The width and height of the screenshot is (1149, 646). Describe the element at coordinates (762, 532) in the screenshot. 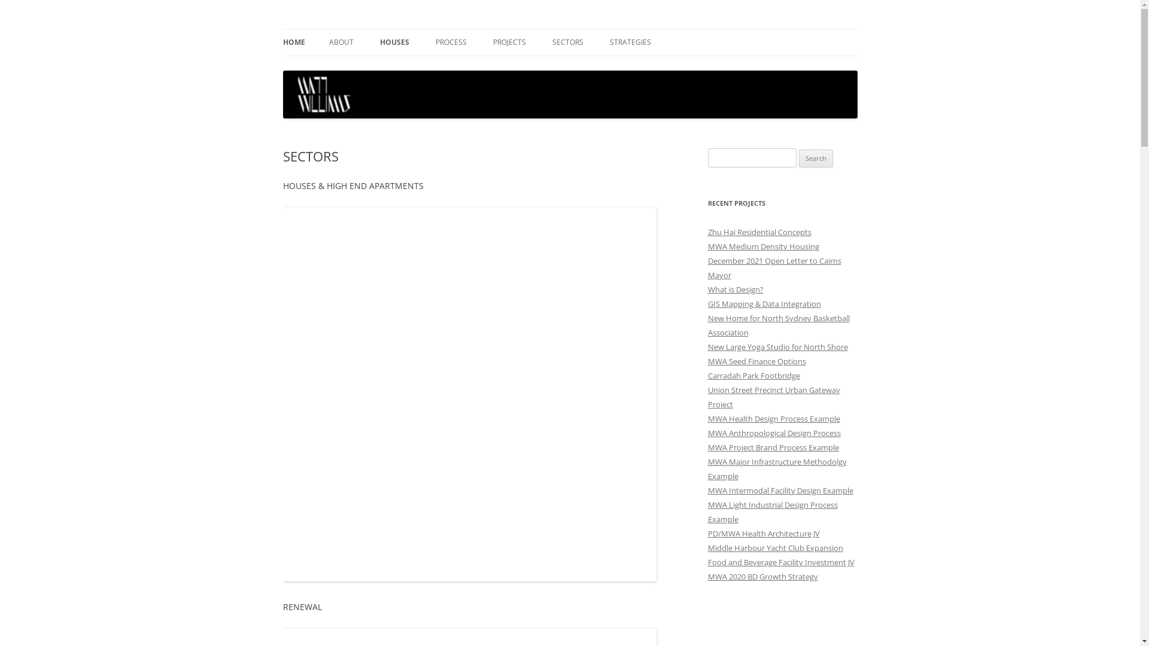

I see `'PD/MWA Health Architecture JV'` at that location.